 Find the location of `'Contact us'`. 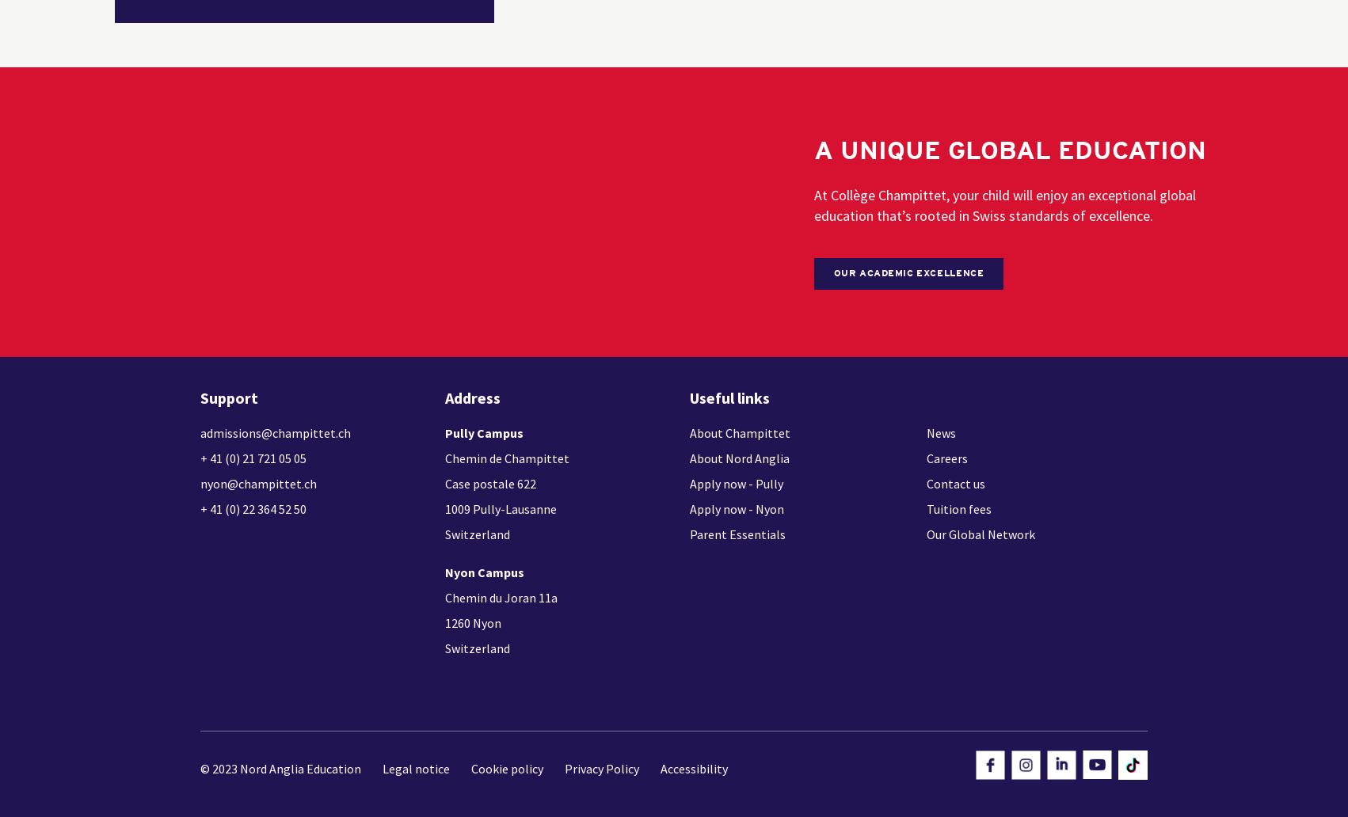

'Contact us' is located at coordinates (955, 484).